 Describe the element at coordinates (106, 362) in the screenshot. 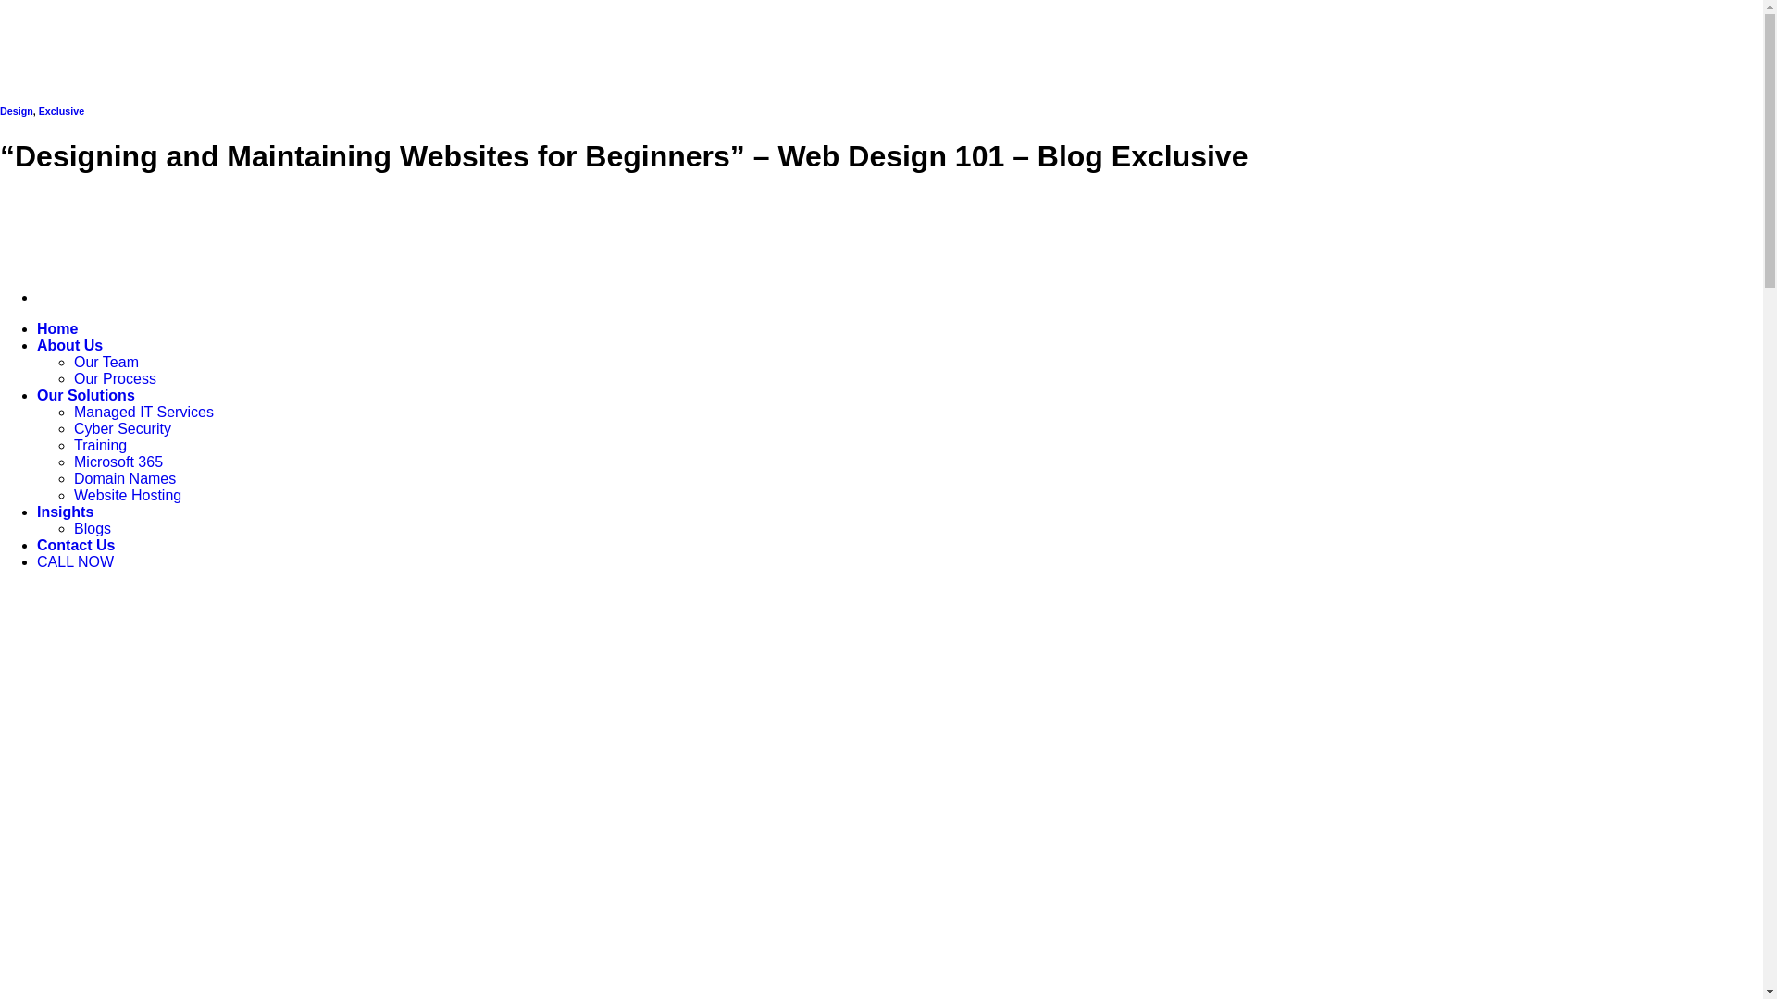

I see `'Our Team'` at that location.